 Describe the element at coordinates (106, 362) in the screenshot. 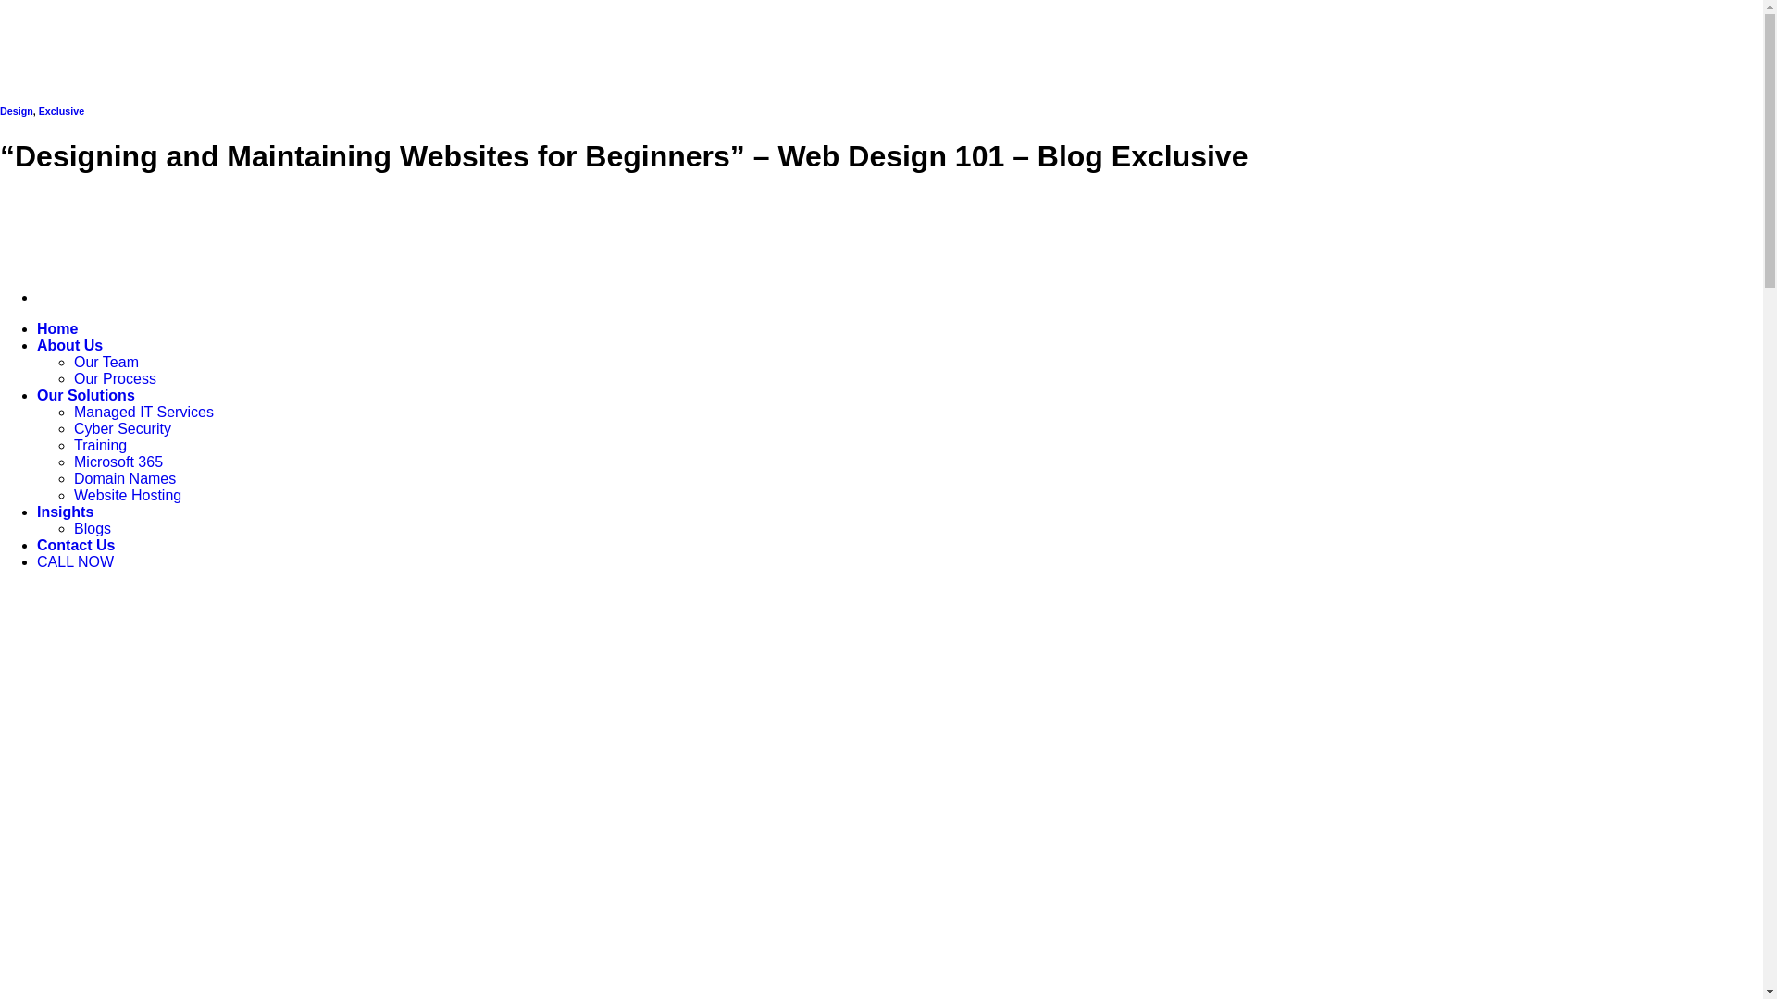

I see `'Our Team'` at that location.